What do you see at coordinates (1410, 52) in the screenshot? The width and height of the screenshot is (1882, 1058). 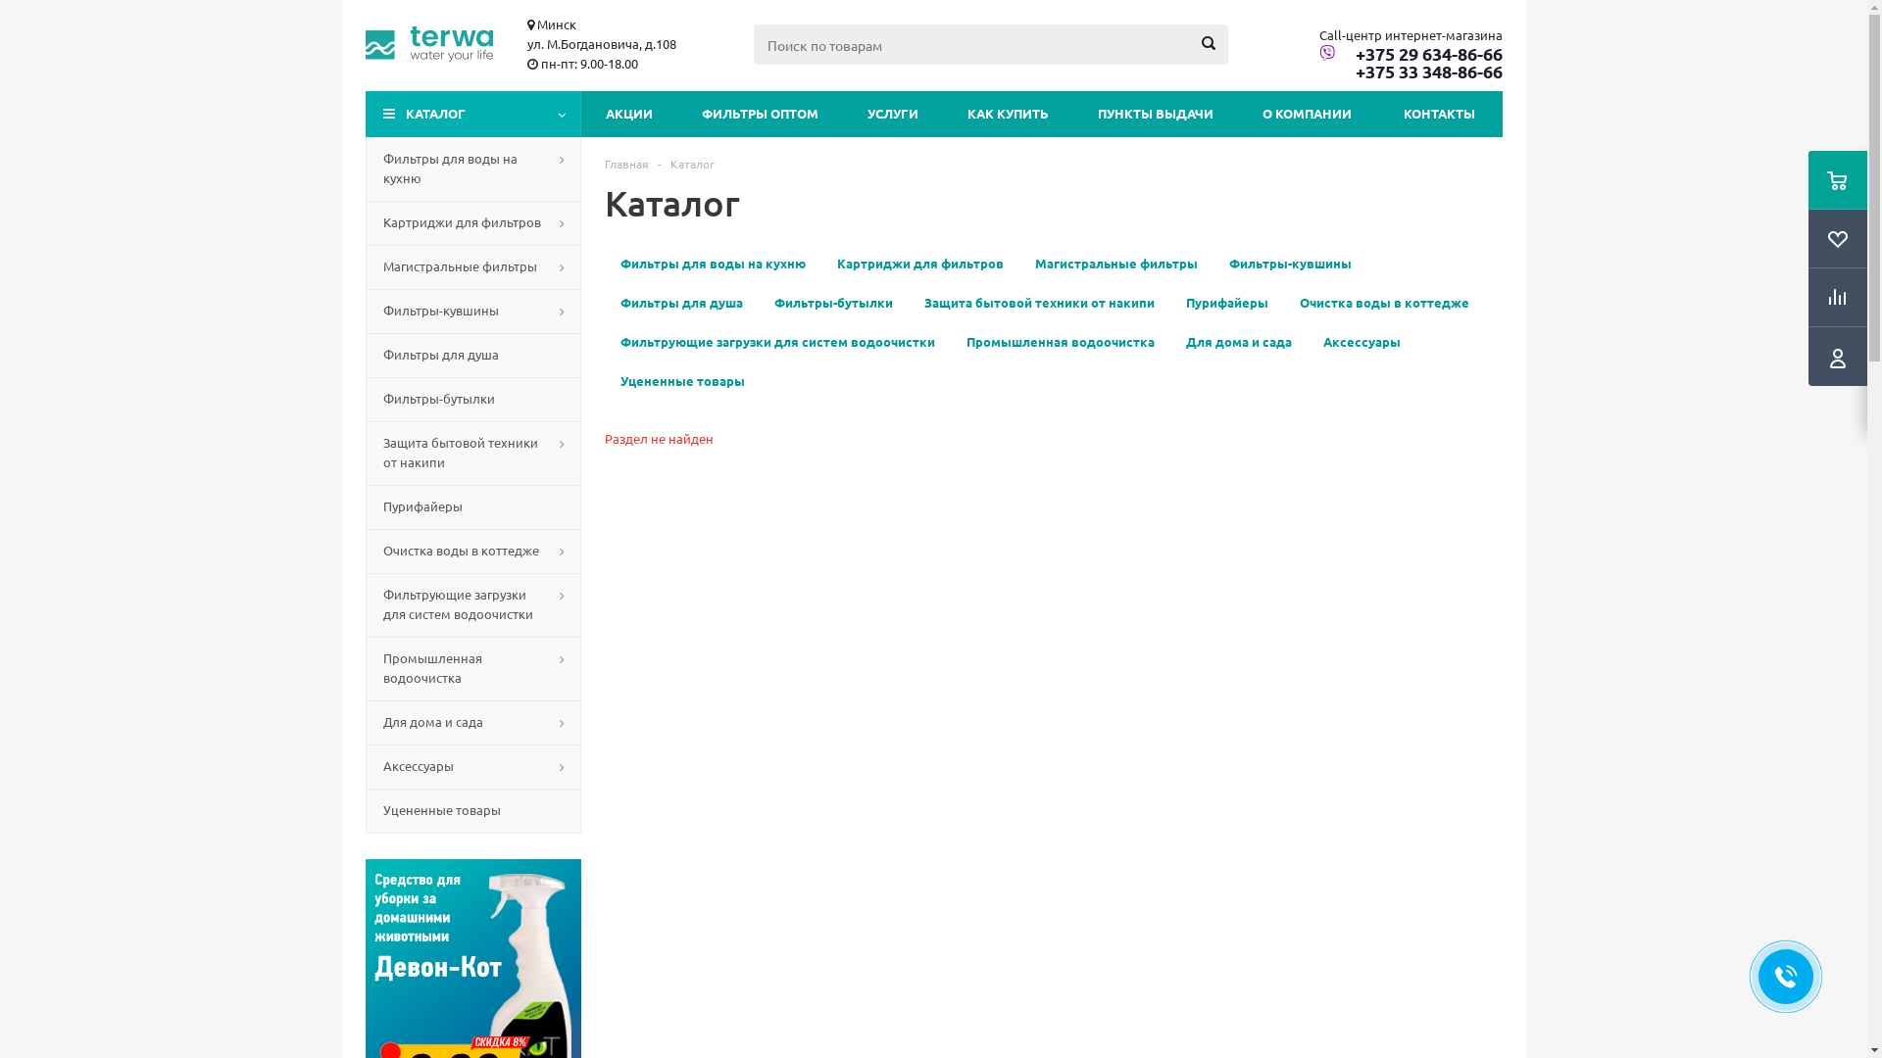 I see `'+375 29 634-86-66'` at bounding box center [1410, 52].